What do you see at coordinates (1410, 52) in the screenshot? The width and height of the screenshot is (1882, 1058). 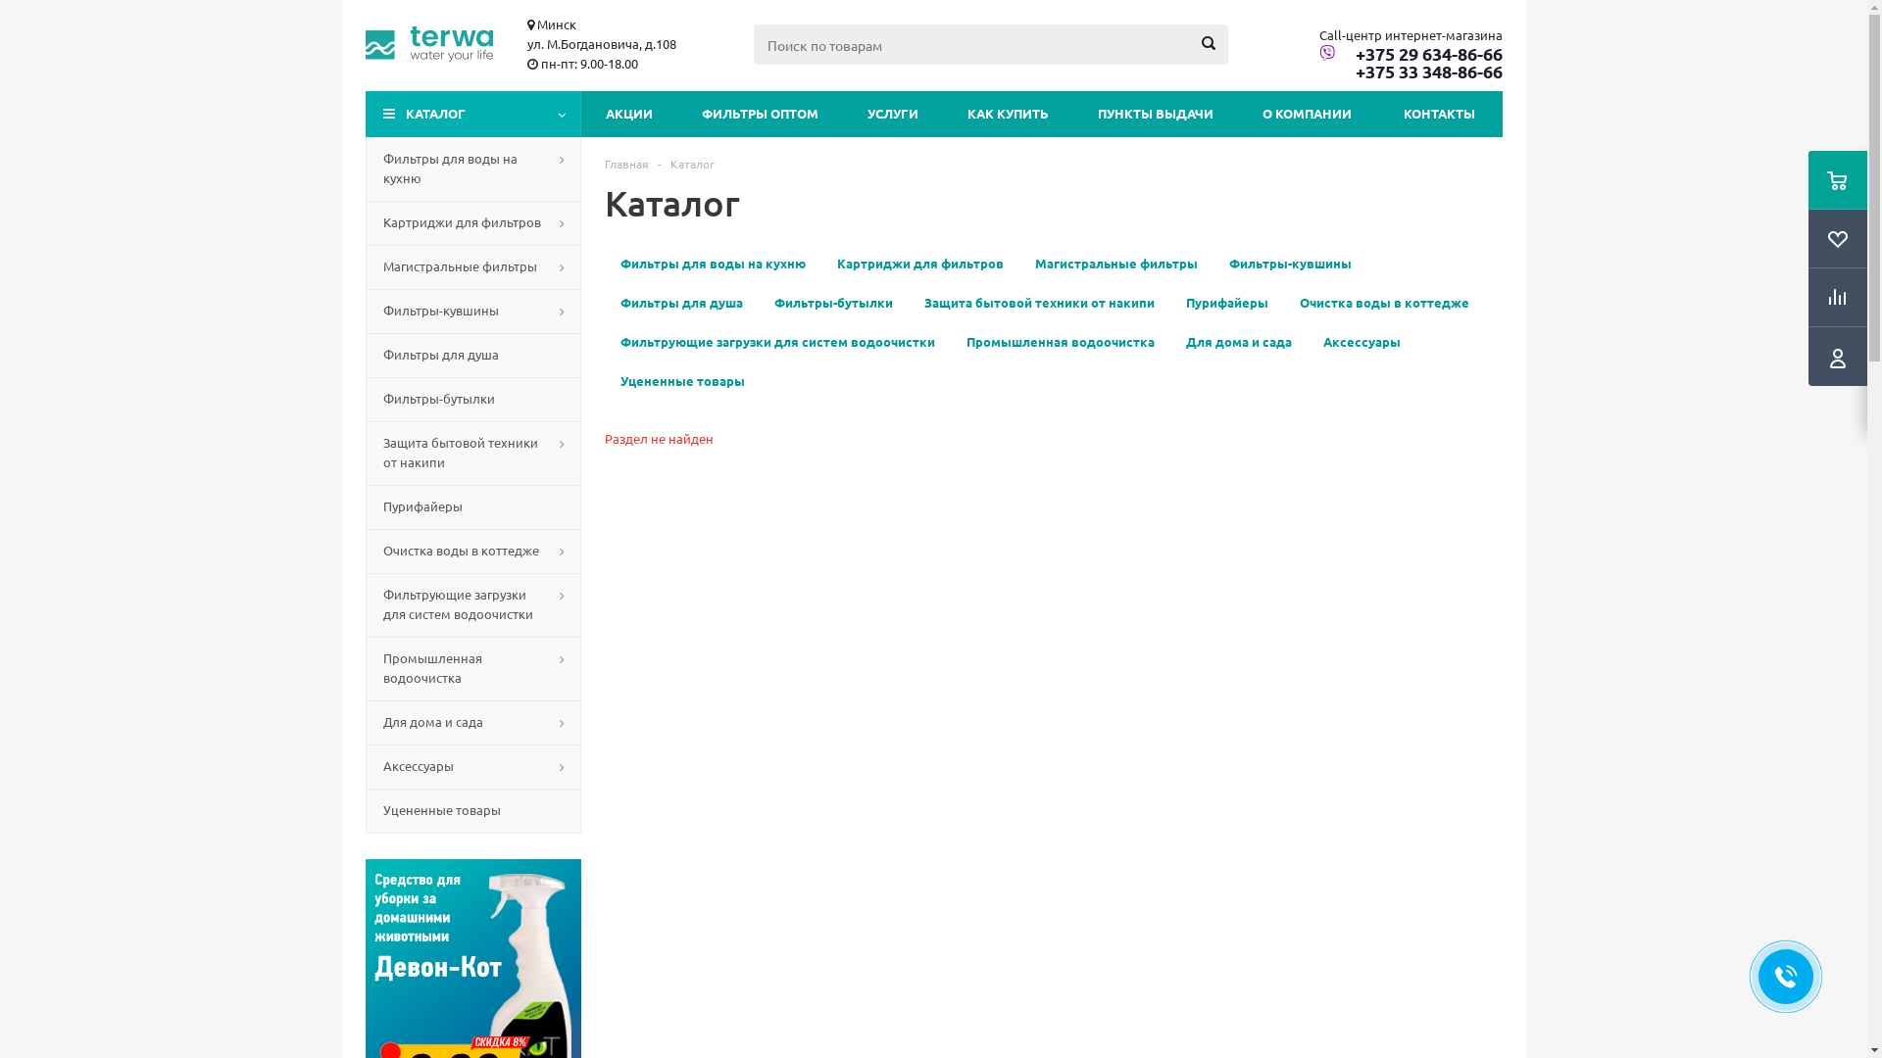 I see `'+375 29 634-86-66'` at bounding box center [1410, 52].